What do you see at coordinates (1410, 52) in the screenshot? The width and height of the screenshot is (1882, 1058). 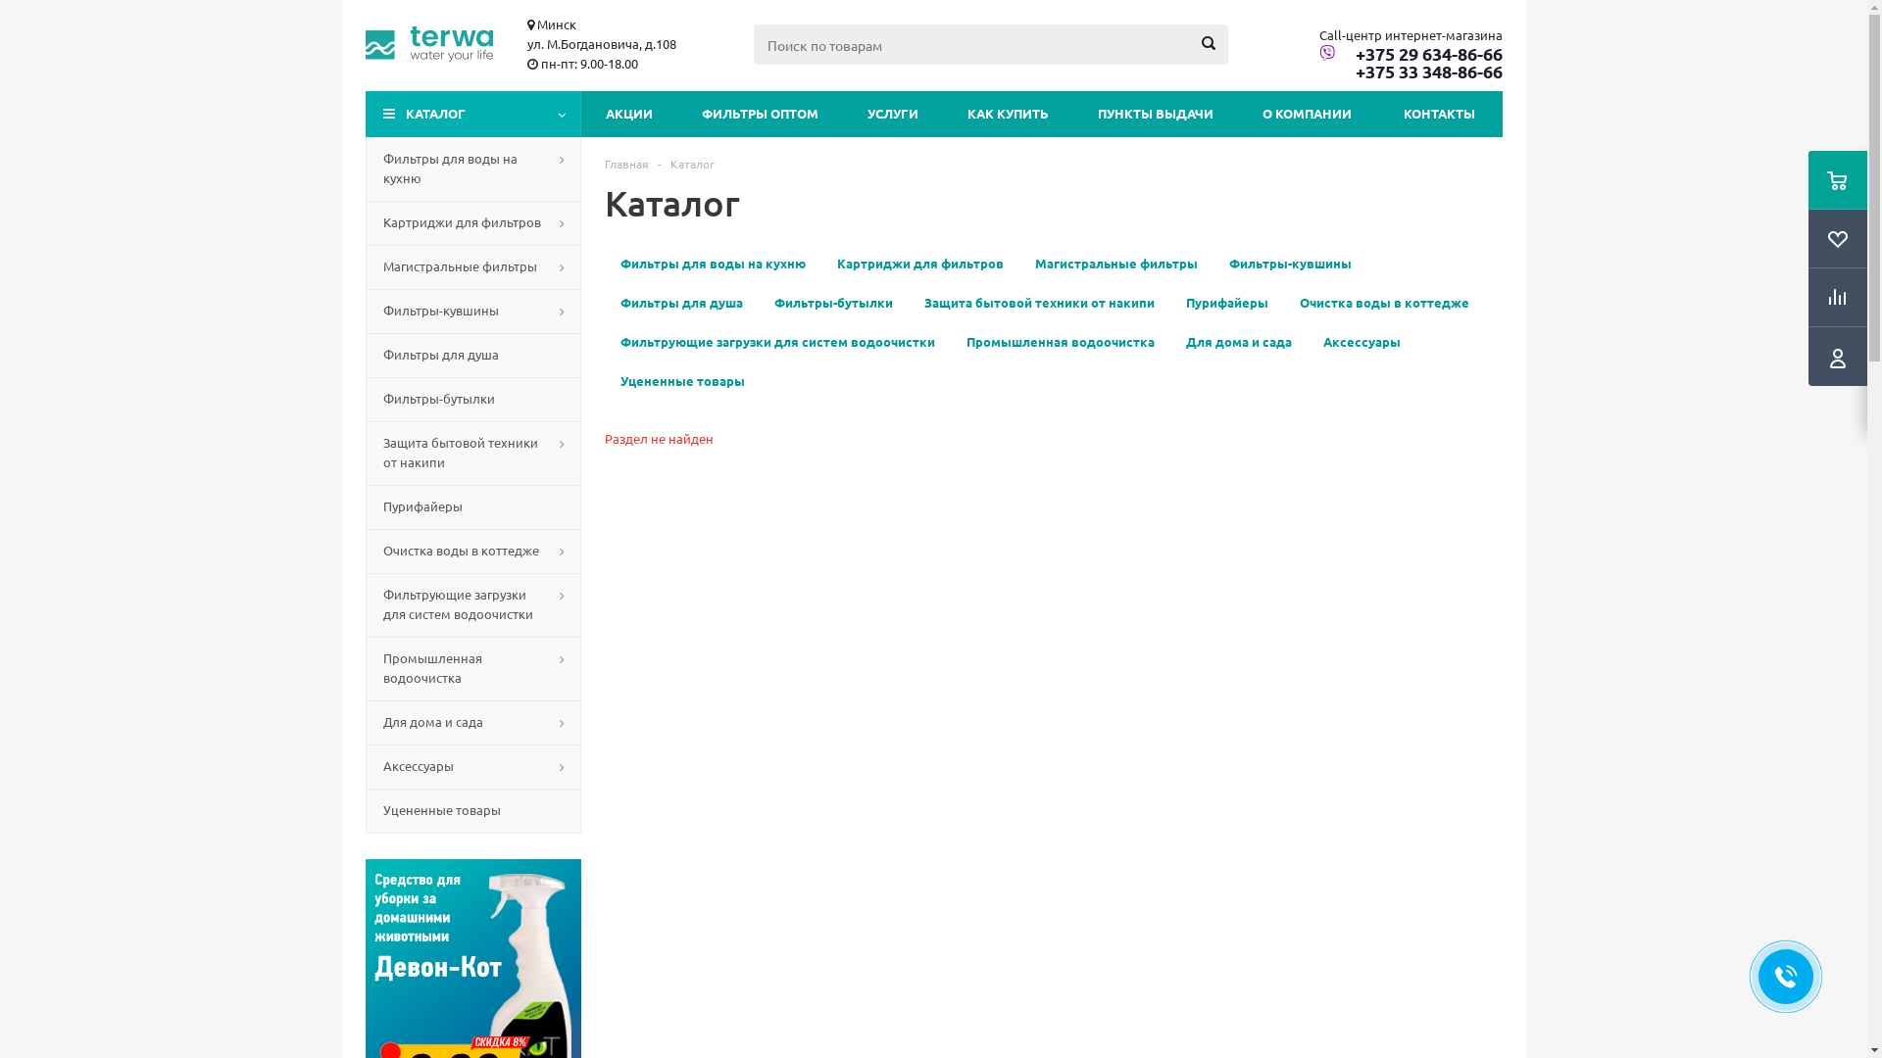 I see `'+375 29 634-86-66'` at bounding box center [1410, 52].